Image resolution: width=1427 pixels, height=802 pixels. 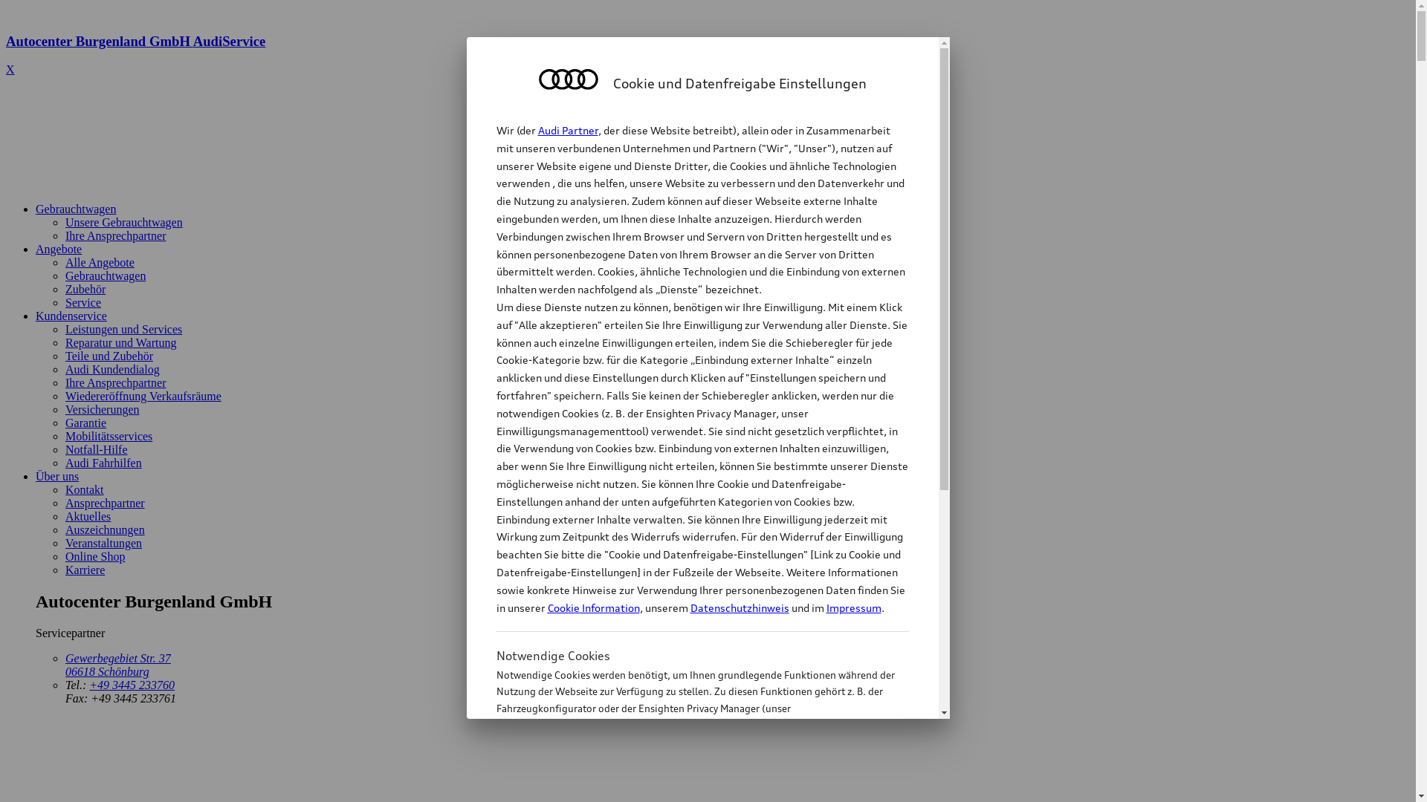 I want to click on 'Unsere Gebrauchtwagen', so click(x=124, y=222).